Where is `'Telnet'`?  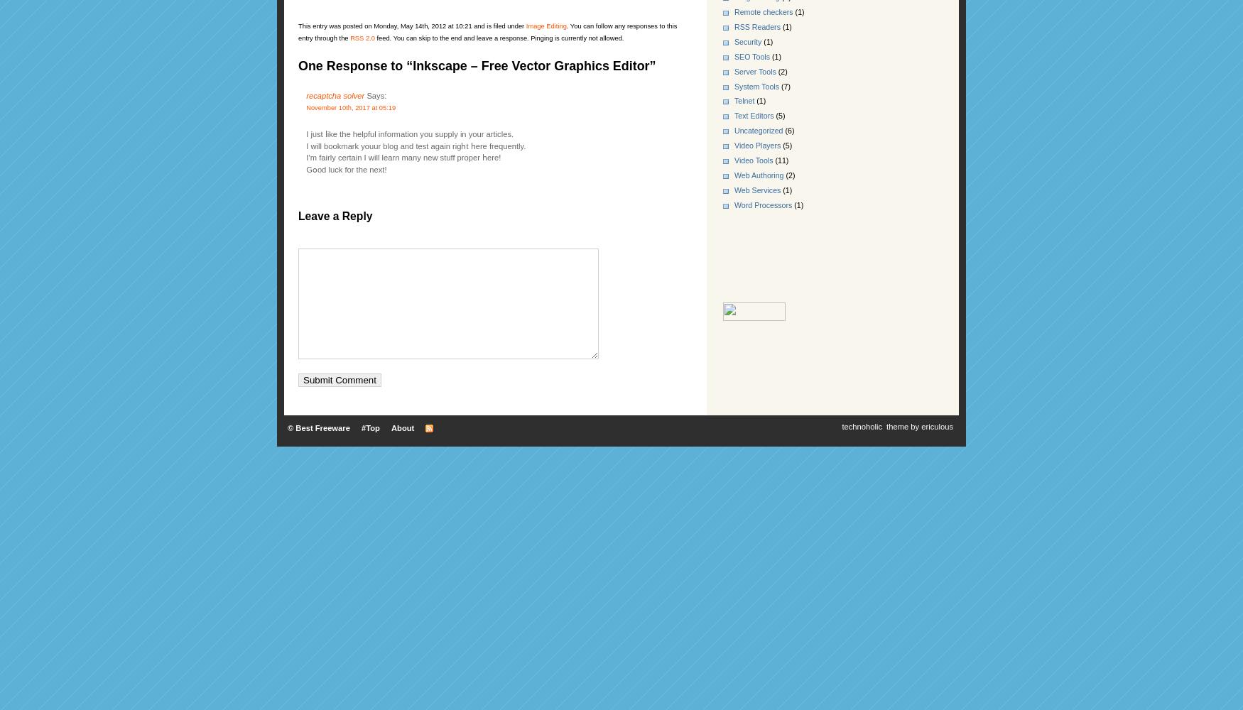 'Telnet' is located at coordinates (744, 101).